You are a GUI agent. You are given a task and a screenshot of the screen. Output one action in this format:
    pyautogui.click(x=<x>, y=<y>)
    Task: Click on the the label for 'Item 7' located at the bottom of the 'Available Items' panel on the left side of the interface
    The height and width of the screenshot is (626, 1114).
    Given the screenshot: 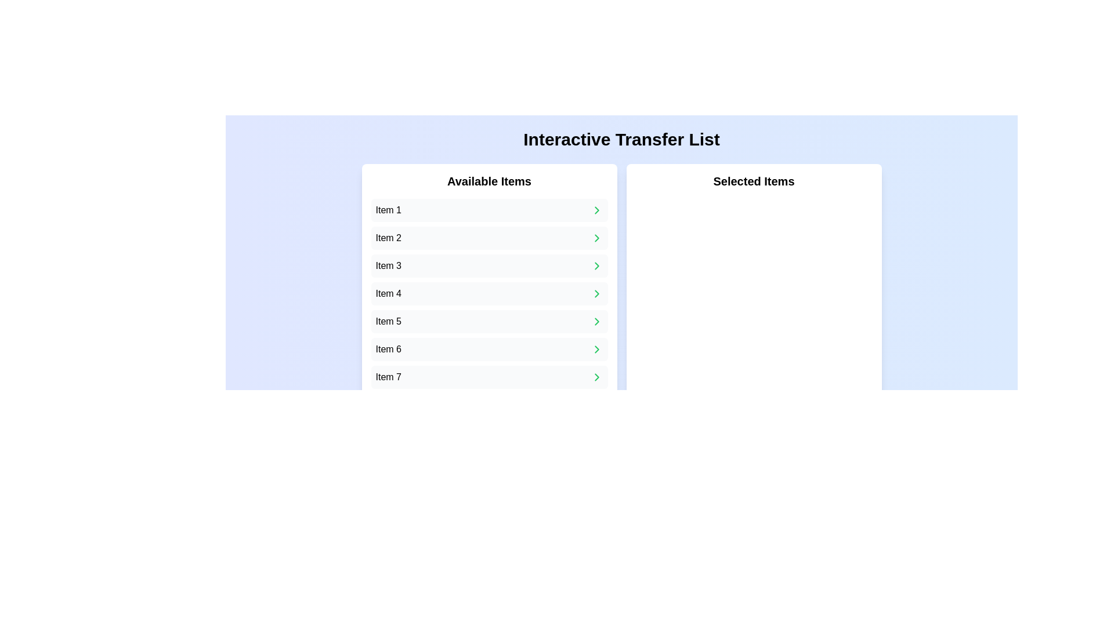 What is the action you would take?
    pyautogui.click(x=388, y=377)
    